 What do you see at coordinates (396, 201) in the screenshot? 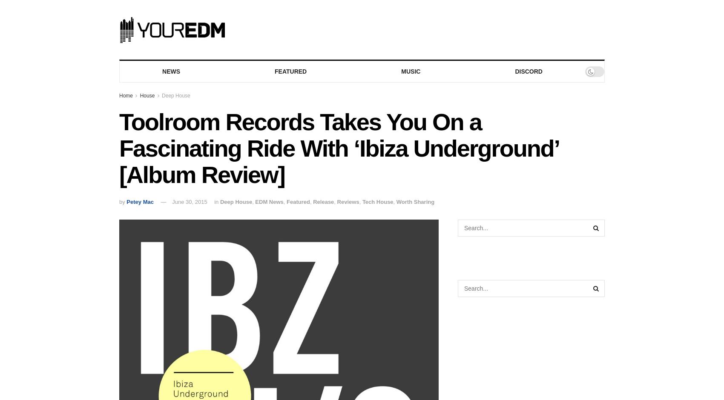
I see `'Worth Sharing'` at bounding box center [396, 201].